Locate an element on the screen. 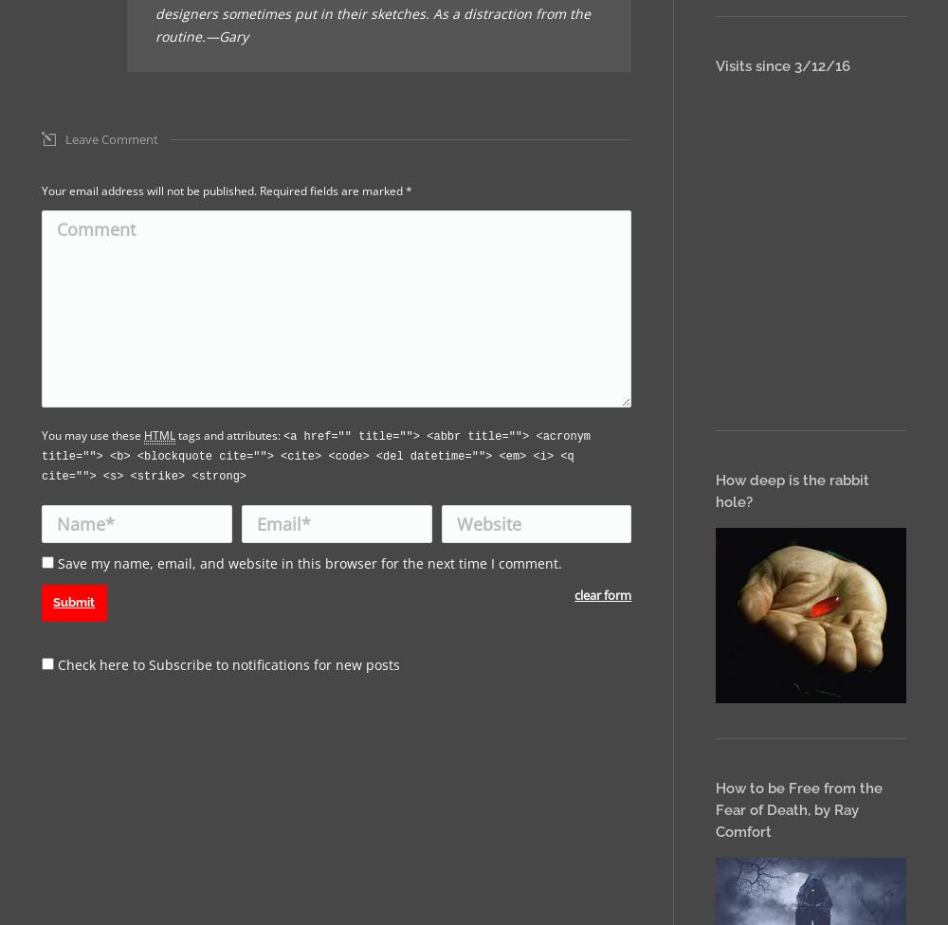 This screenshot has height=925, width=948. 'Your email address will not be published. Required fields are marked' is located at coordinates (223, 190).